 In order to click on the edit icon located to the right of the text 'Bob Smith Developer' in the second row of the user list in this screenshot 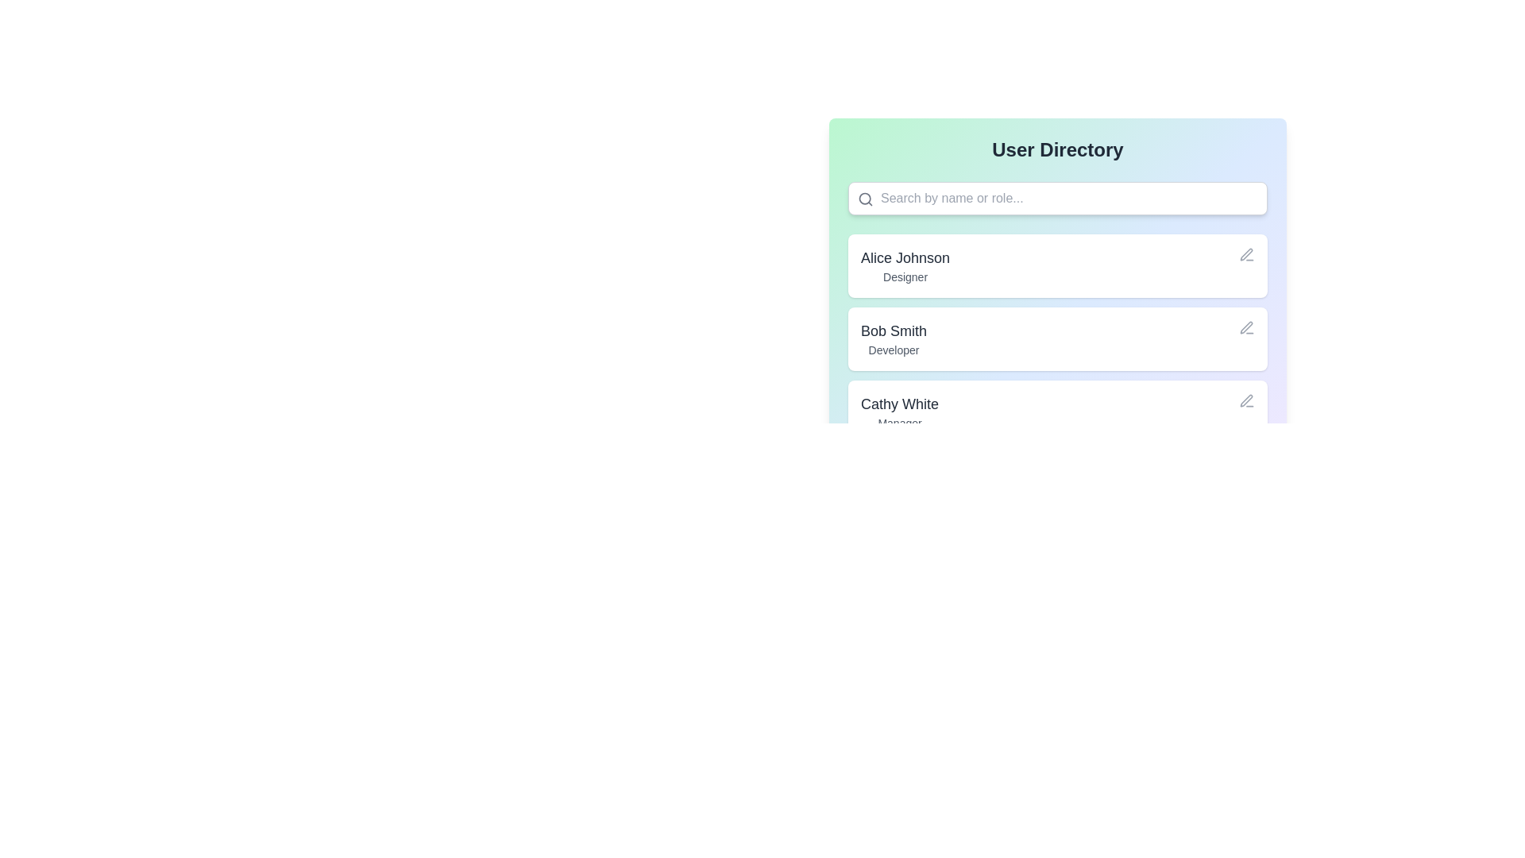, I will do `click(1245, 327)`.